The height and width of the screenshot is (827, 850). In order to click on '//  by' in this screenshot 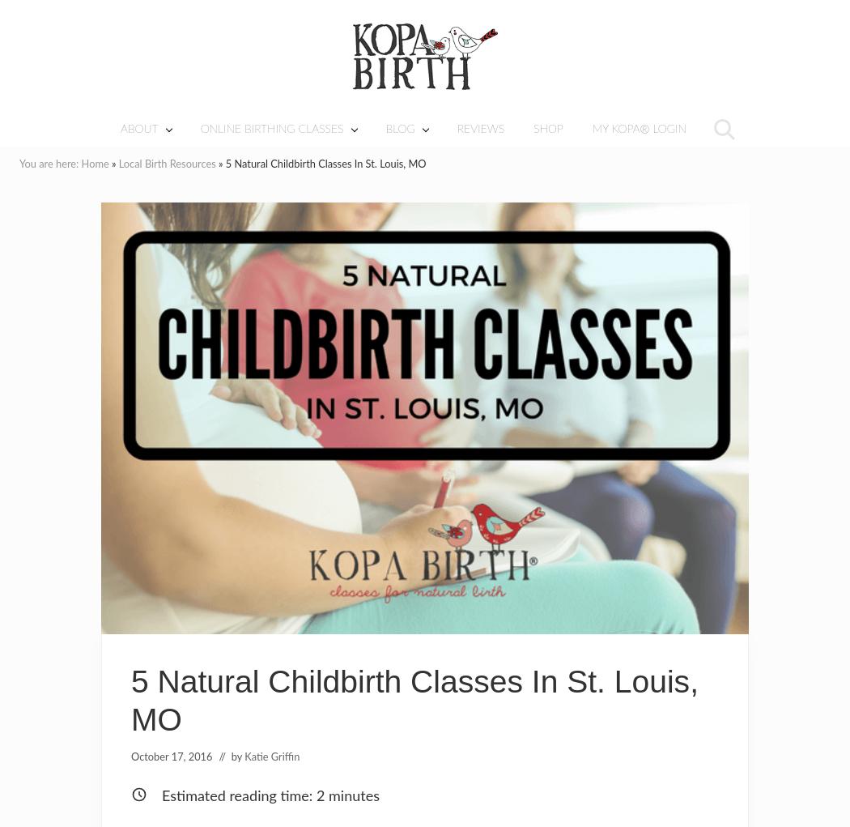, I will do `click(231, 757)`.